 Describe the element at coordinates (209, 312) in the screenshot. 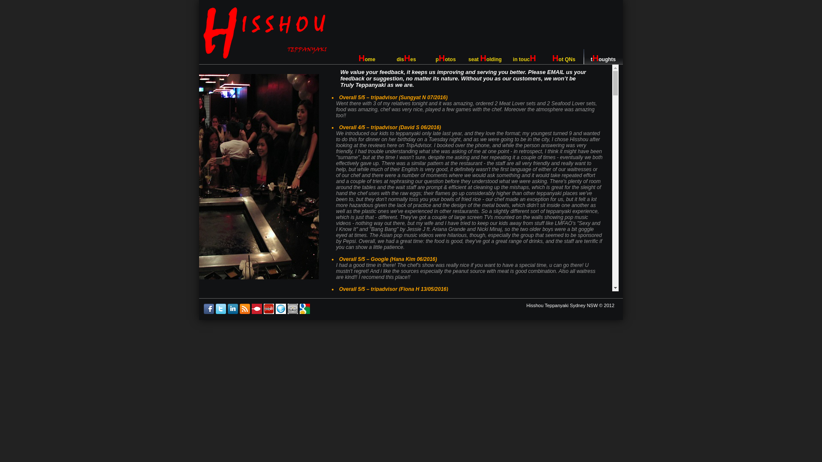

I see `'facebook'` at that location.